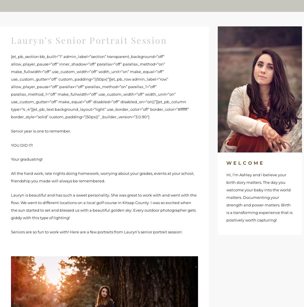 This screenshot has height=307, width=304. Describe the element at coordinates (165, 6) in the screenshot. I see `'EXTRAS'` at that location.